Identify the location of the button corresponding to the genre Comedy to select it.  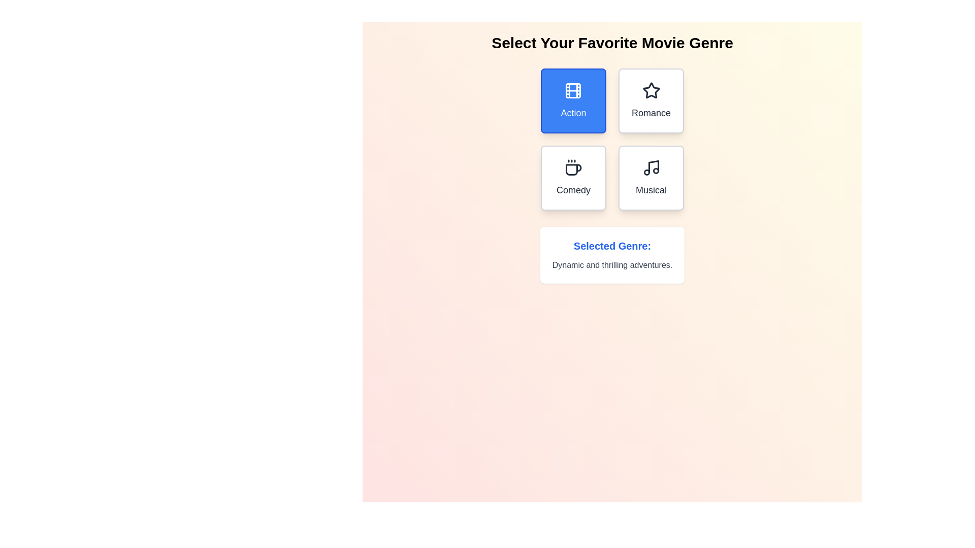
(573, 178).